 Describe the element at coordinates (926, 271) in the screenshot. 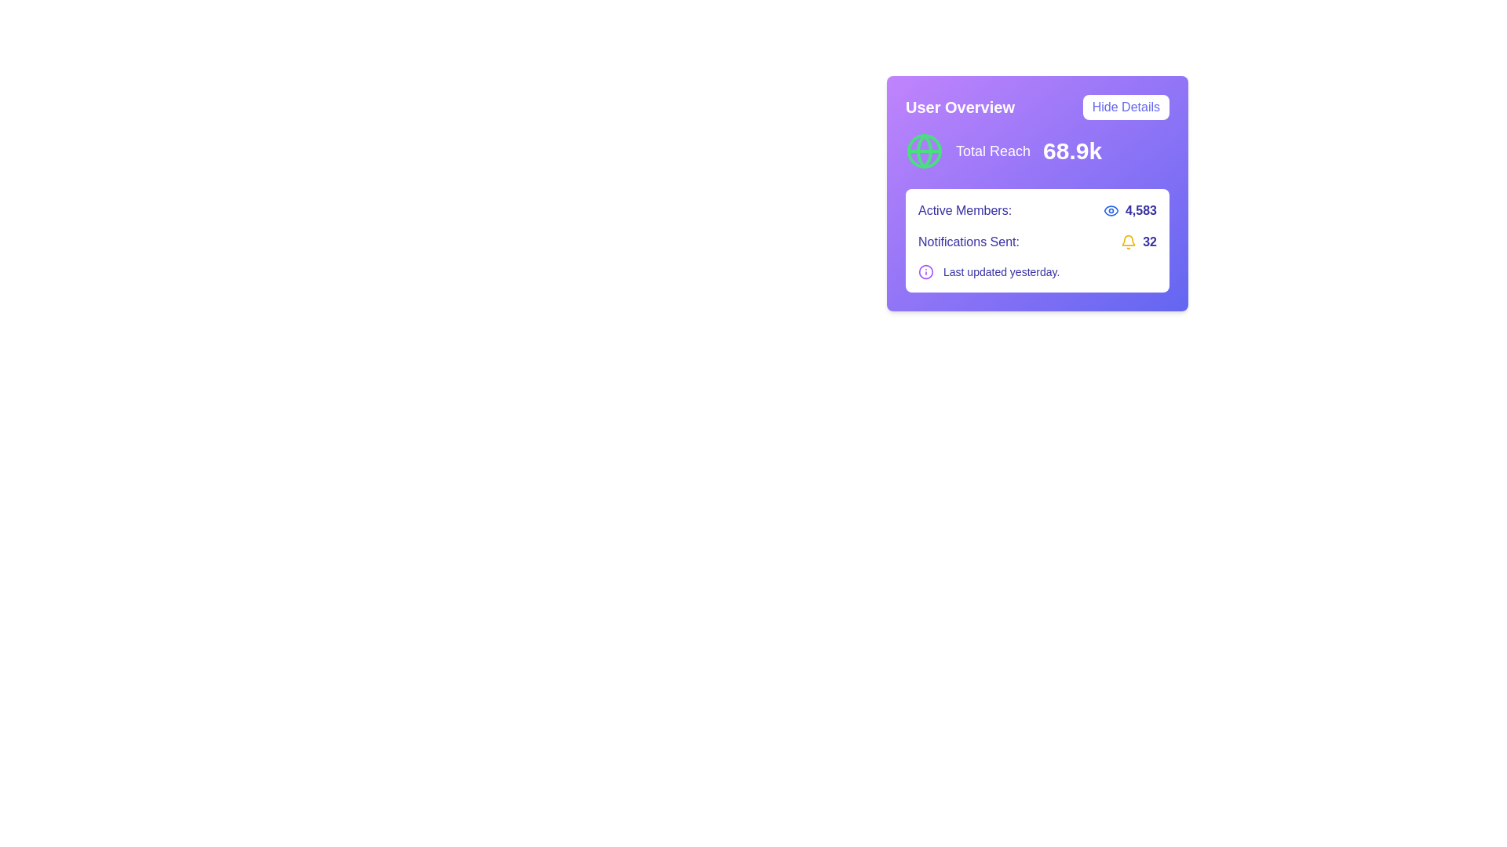

I see `the circular informational icon with a purple outline and an exclamation mark, located to the left of the text 'Last updated yesterday' within the 'User Overview' purple card` at that location.